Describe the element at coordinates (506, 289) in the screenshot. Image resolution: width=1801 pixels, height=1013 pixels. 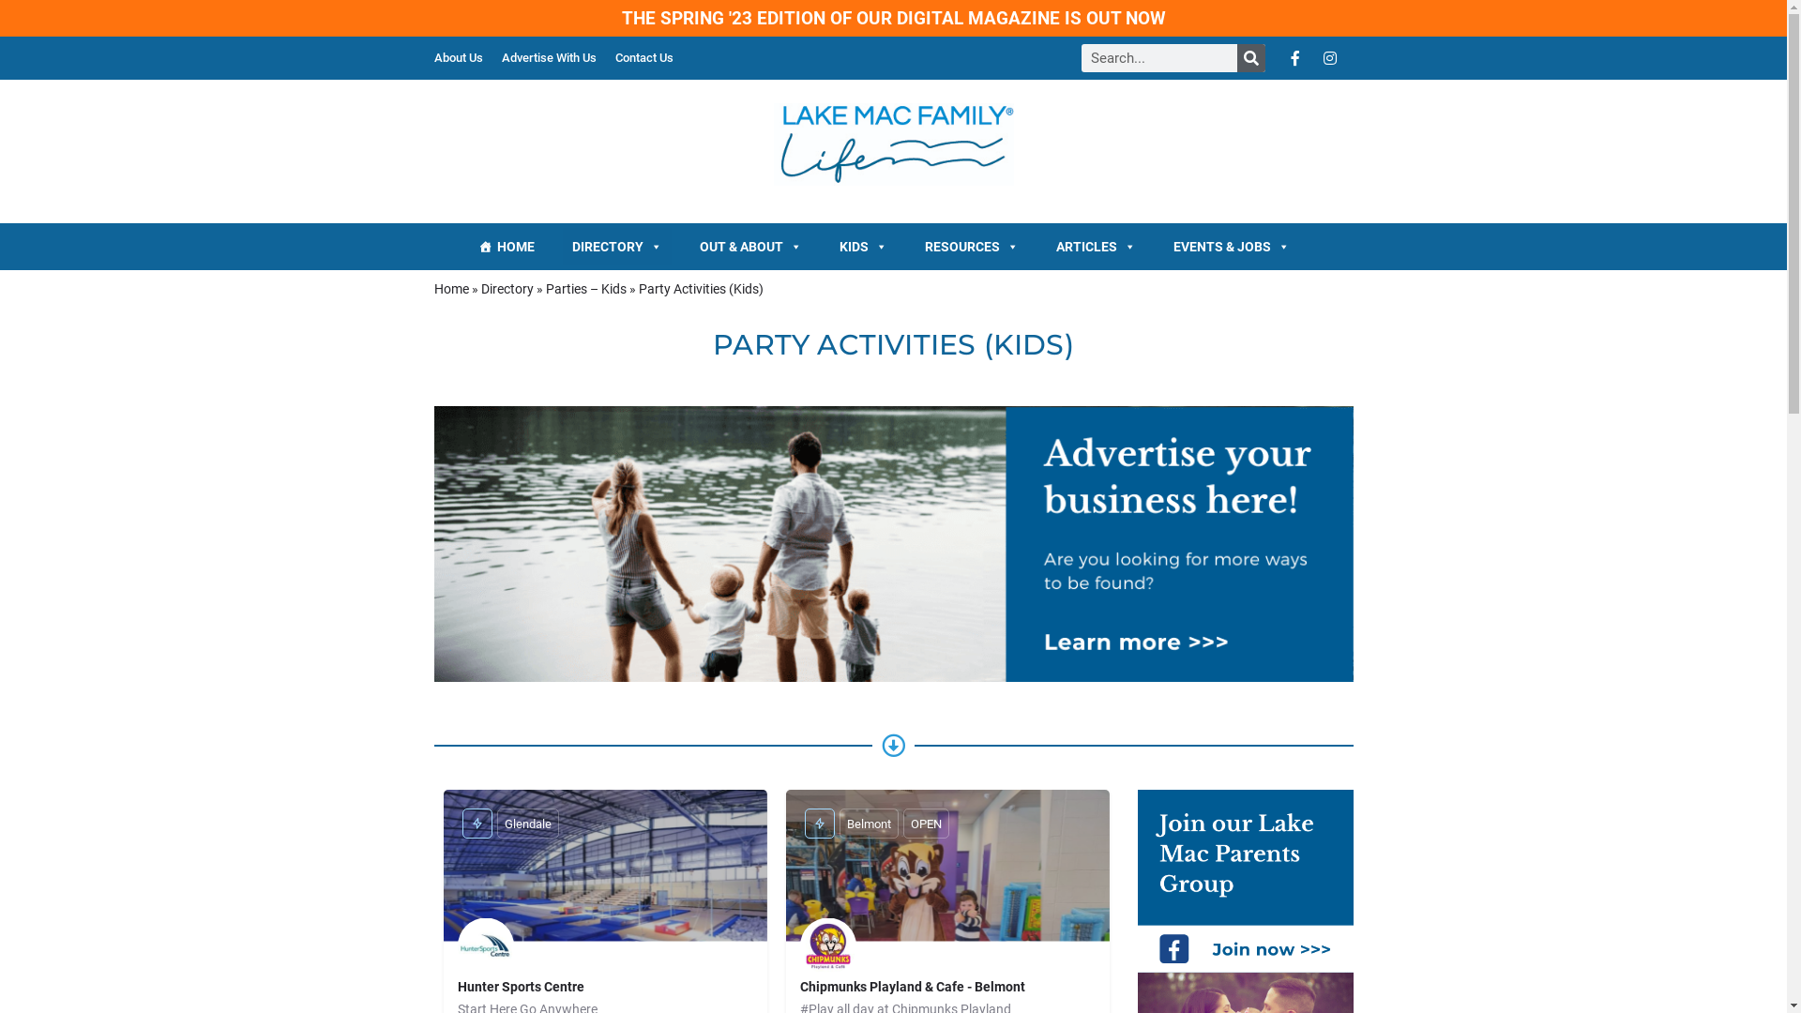
I see `'Directory'` at that location.